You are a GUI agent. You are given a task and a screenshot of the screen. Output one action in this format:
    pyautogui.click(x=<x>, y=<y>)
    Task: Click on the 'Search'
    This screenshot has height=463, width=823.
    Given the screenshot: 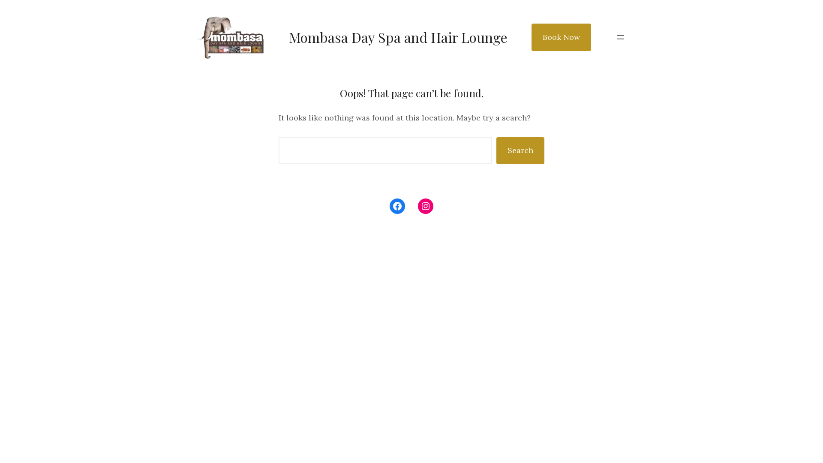 What is the action you would take?
    pyautogui.click(x=496, y=150)
    